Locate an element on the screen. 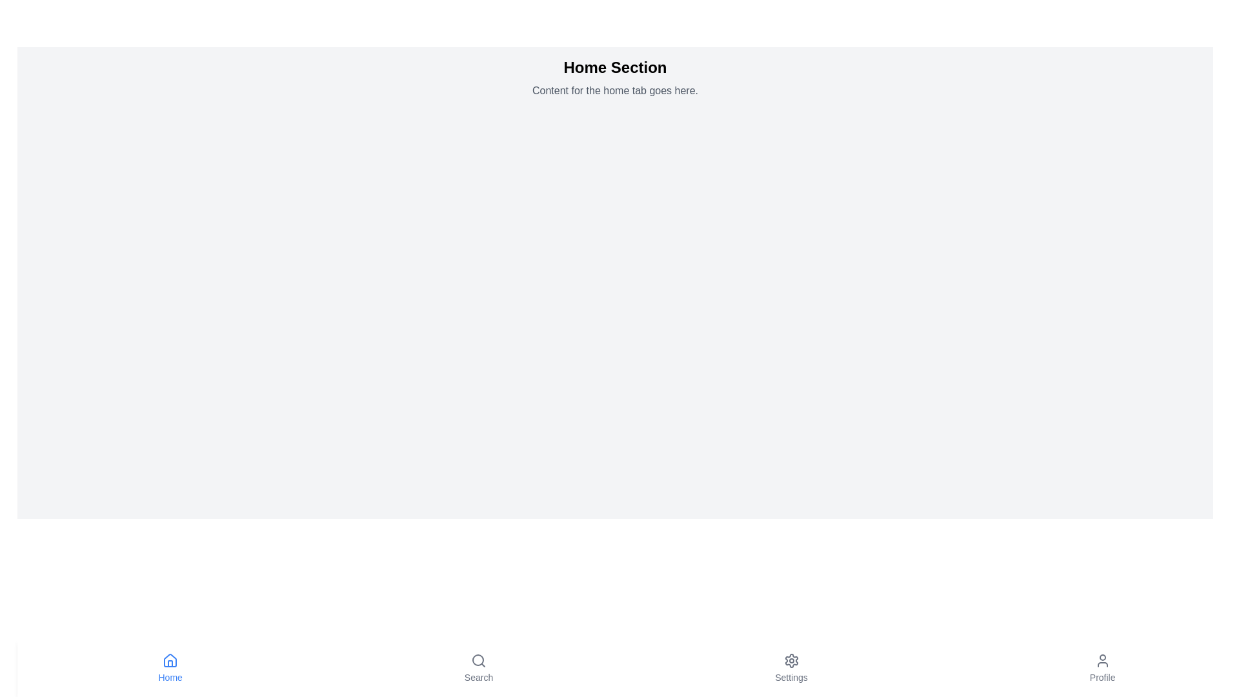  the outer contour of the house-shaped icon in the bottom navigation bar labeled 'Home' is located at coordinates (170, 660).